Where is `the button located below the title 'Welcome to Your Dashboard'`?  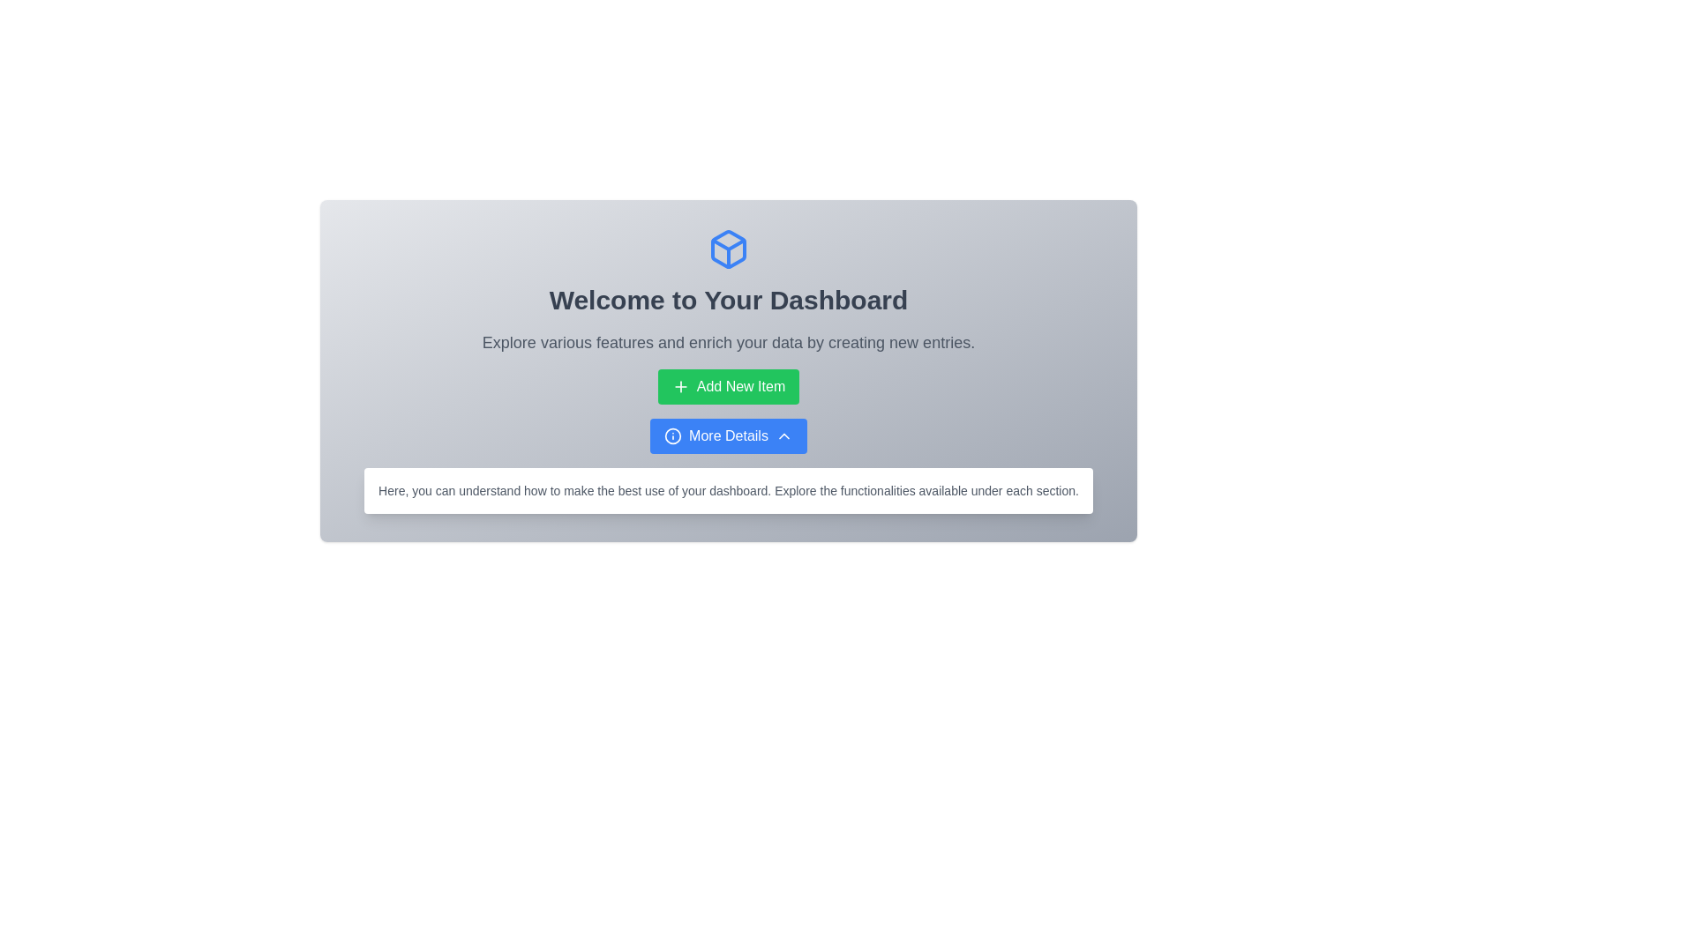 the button located below the title 'Welcome to Your Dashboard' is located at coordinates (728, 386).